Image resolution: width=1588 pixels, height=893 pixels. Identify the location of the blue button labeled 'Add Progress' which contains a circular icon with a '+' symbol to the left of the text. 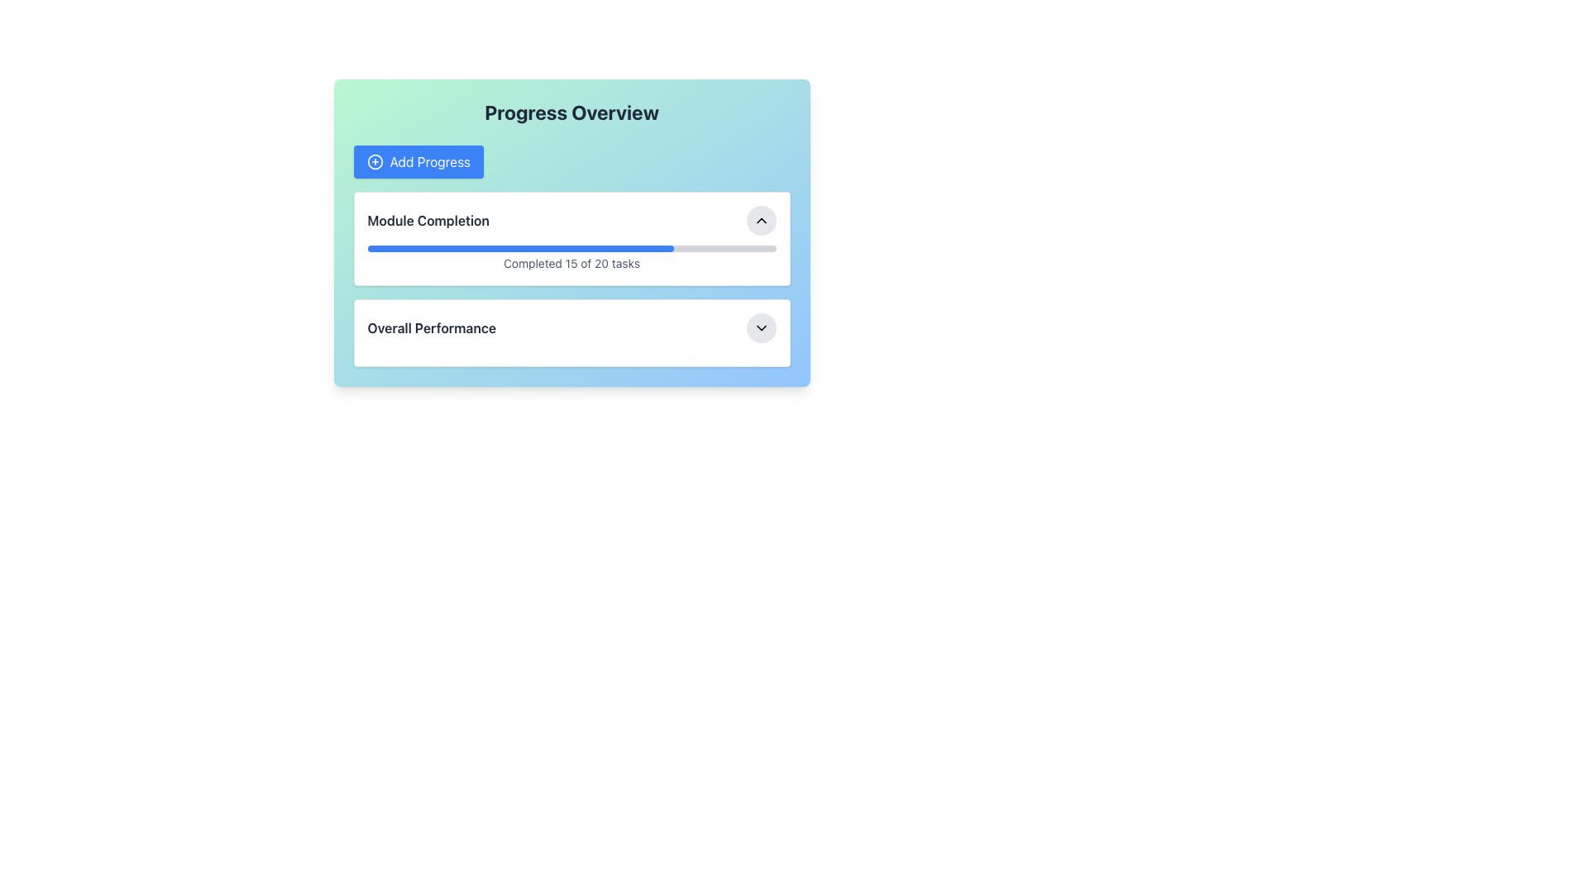
(374, 162).